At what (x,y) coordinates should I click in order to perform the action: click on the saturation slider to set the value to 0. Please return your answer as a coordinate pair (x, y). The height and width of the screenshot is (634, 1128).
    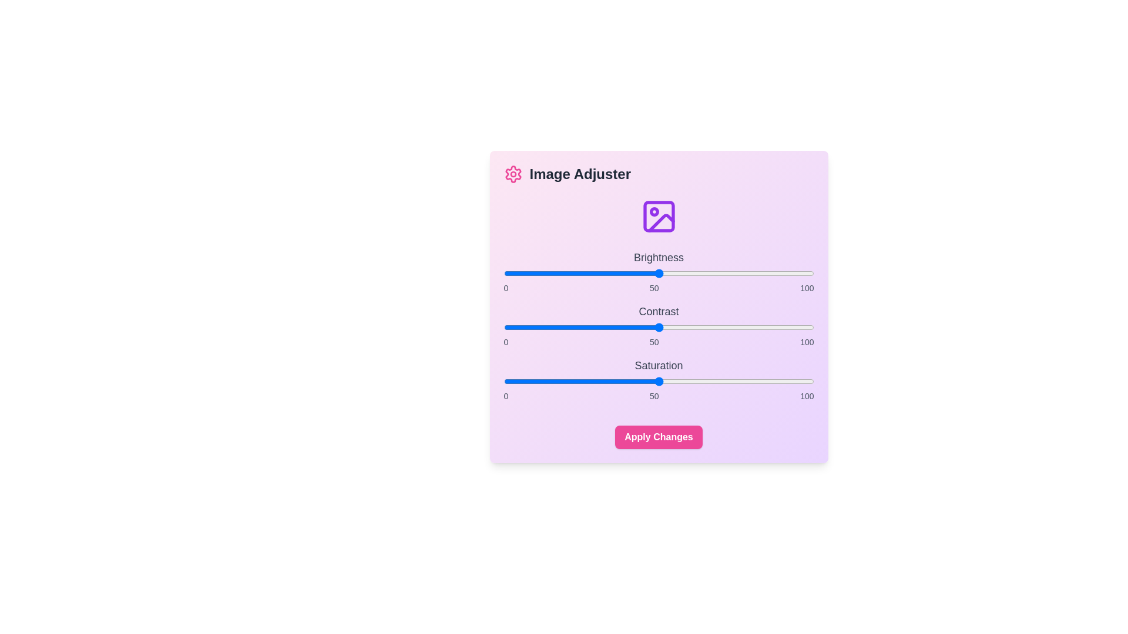
    Looking at the image, I should click on (503, 382).